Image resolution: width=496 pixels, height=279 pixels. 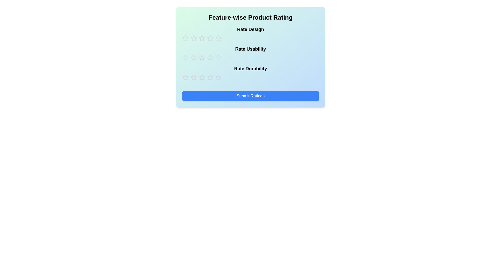 What do you see at coordinates (250, 96) in the screenshot?
I see `the 'Submit Ratings' button` at bounding box center [250, 96].